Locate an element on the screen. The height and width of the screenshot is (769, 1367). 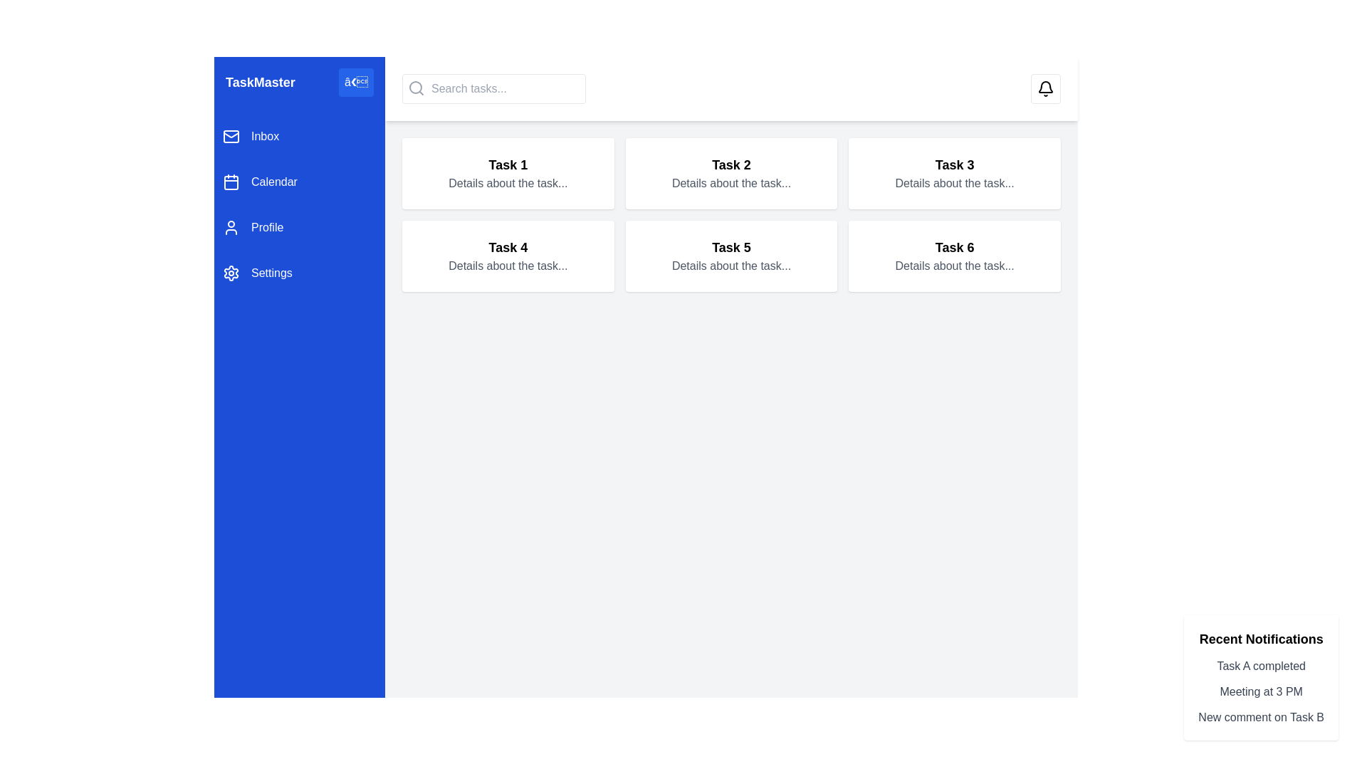
keyboard navigation is located at coordinates (299, 205).